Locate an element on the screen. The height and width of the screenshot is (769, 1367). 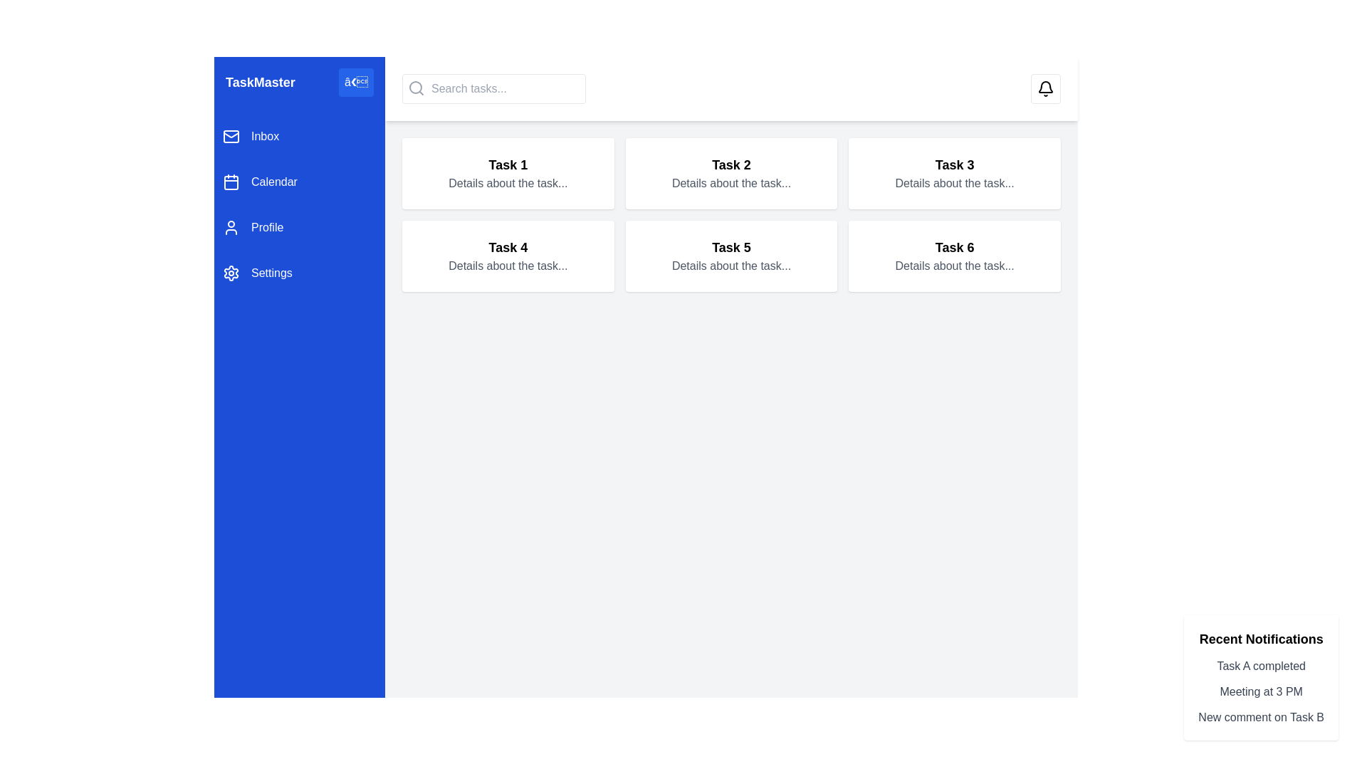
keyboard navigation is located at coordinates (299, 205).